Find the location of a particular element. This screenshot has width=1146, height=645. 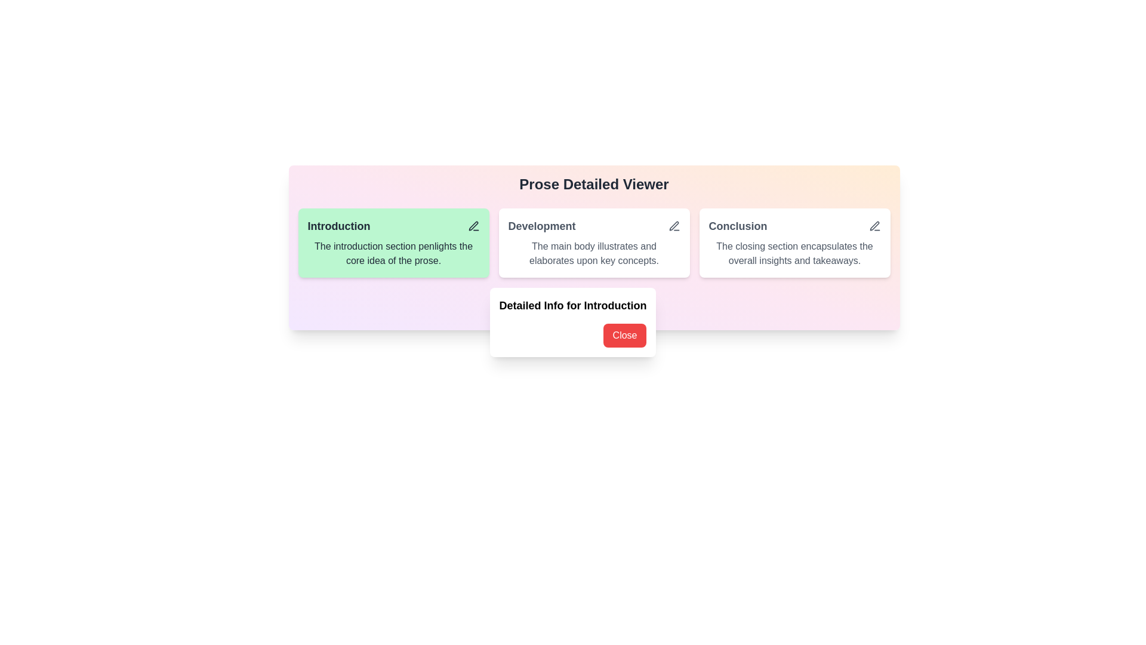

title text 'Detailed Info for Introduction' which is a bold and larger font styled label, centered at the top of a white card-like popup is located at coordinates (573, 305).